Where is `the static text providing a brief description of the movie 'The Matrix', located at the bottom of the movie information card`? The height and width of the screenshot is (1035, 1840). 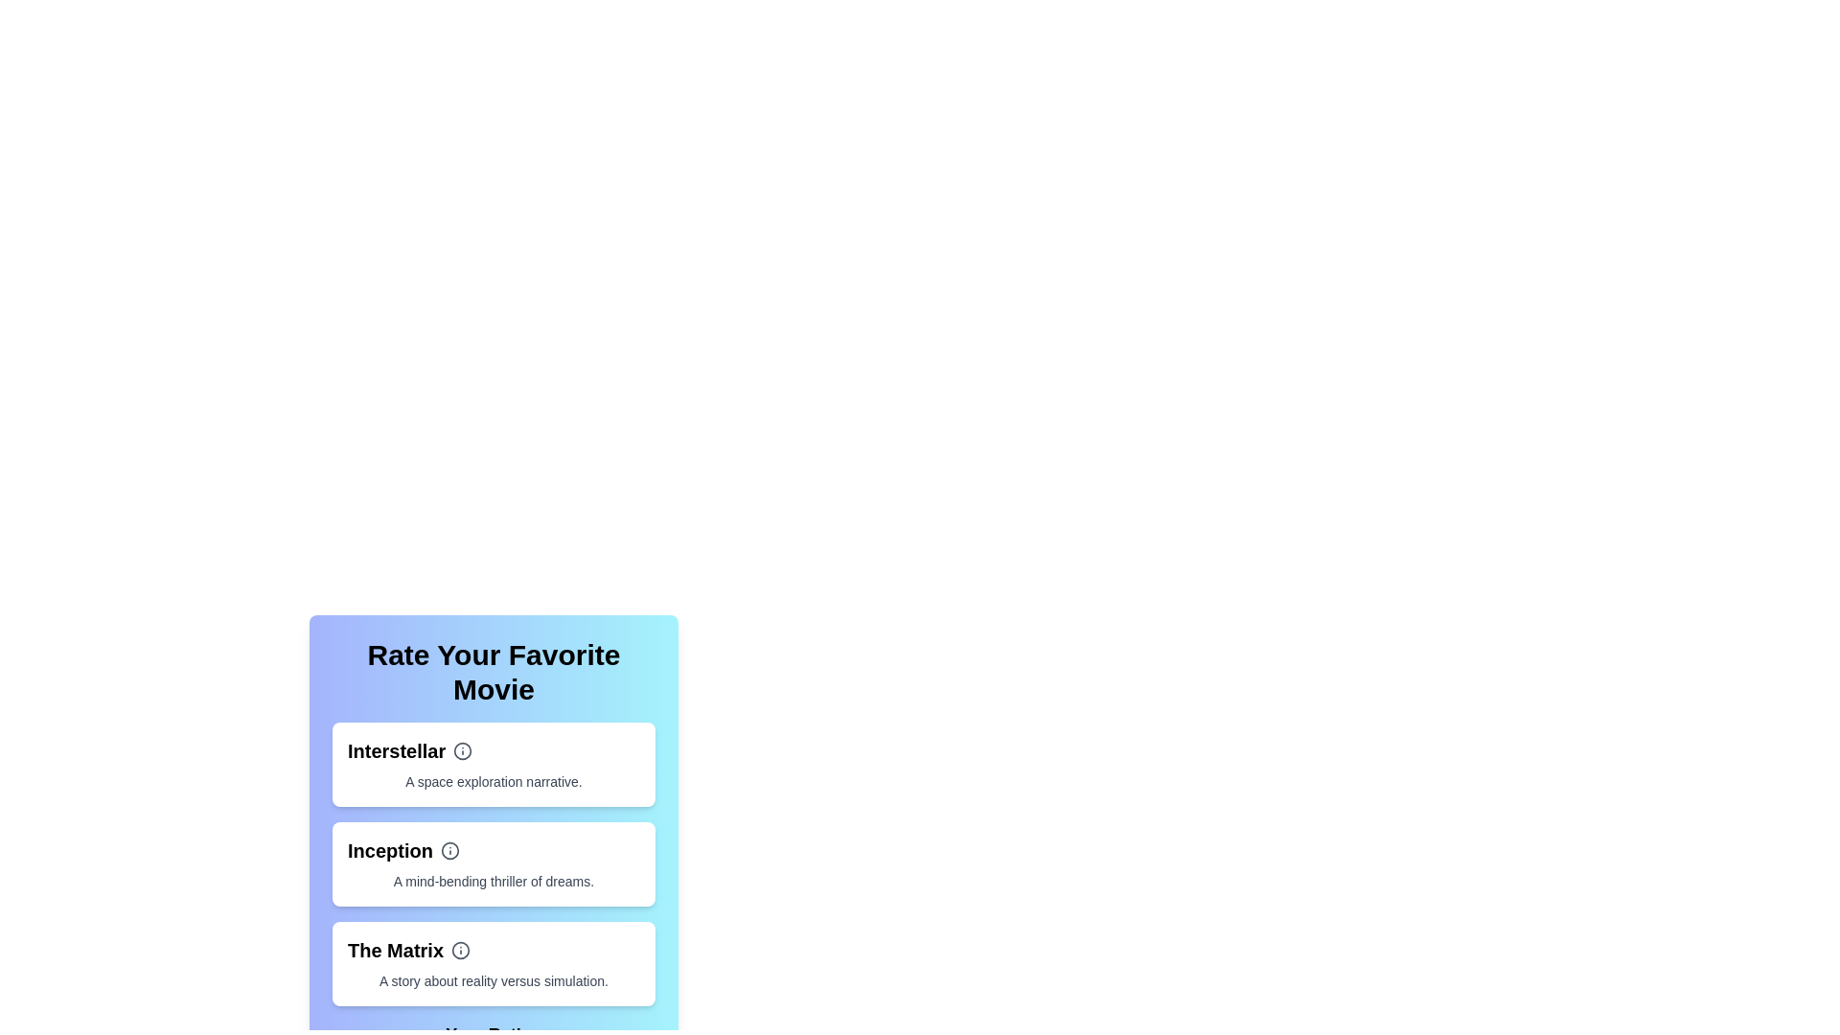 the static text providing a brief description of the movie 'The Matrix', located at the bottom of the movie information card is located at coordinates (494, 980).